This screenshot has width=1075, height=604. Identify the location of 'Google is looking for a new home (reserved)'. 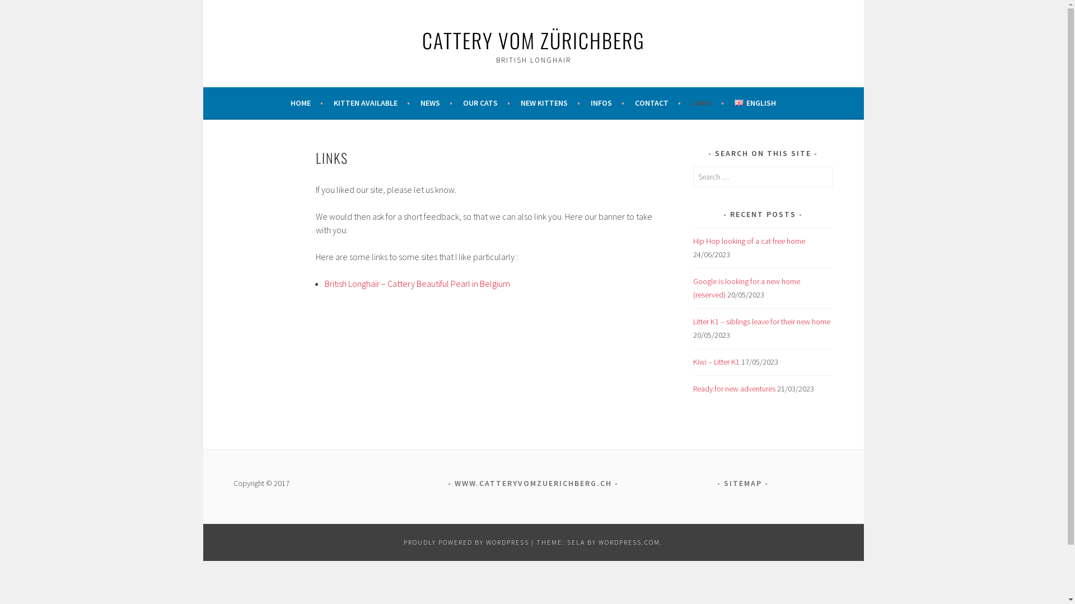
(693, 287).